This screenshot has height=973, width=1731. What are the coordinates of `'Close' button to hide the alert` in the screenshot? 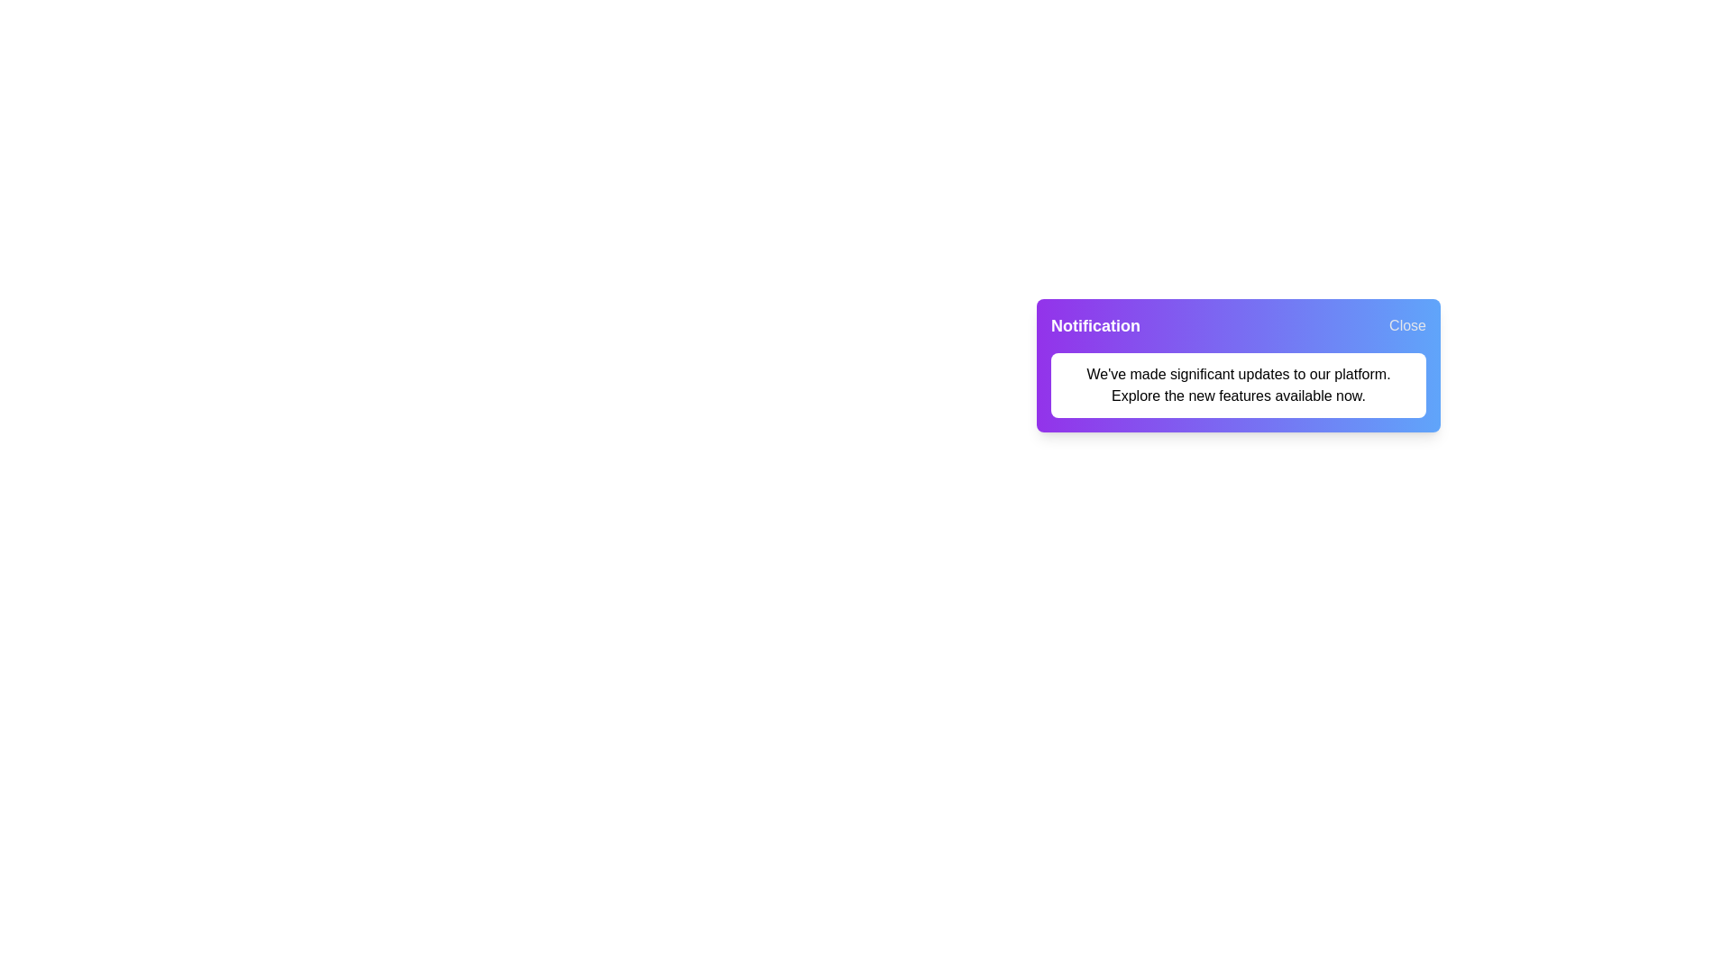 It's located at (1406, 326).